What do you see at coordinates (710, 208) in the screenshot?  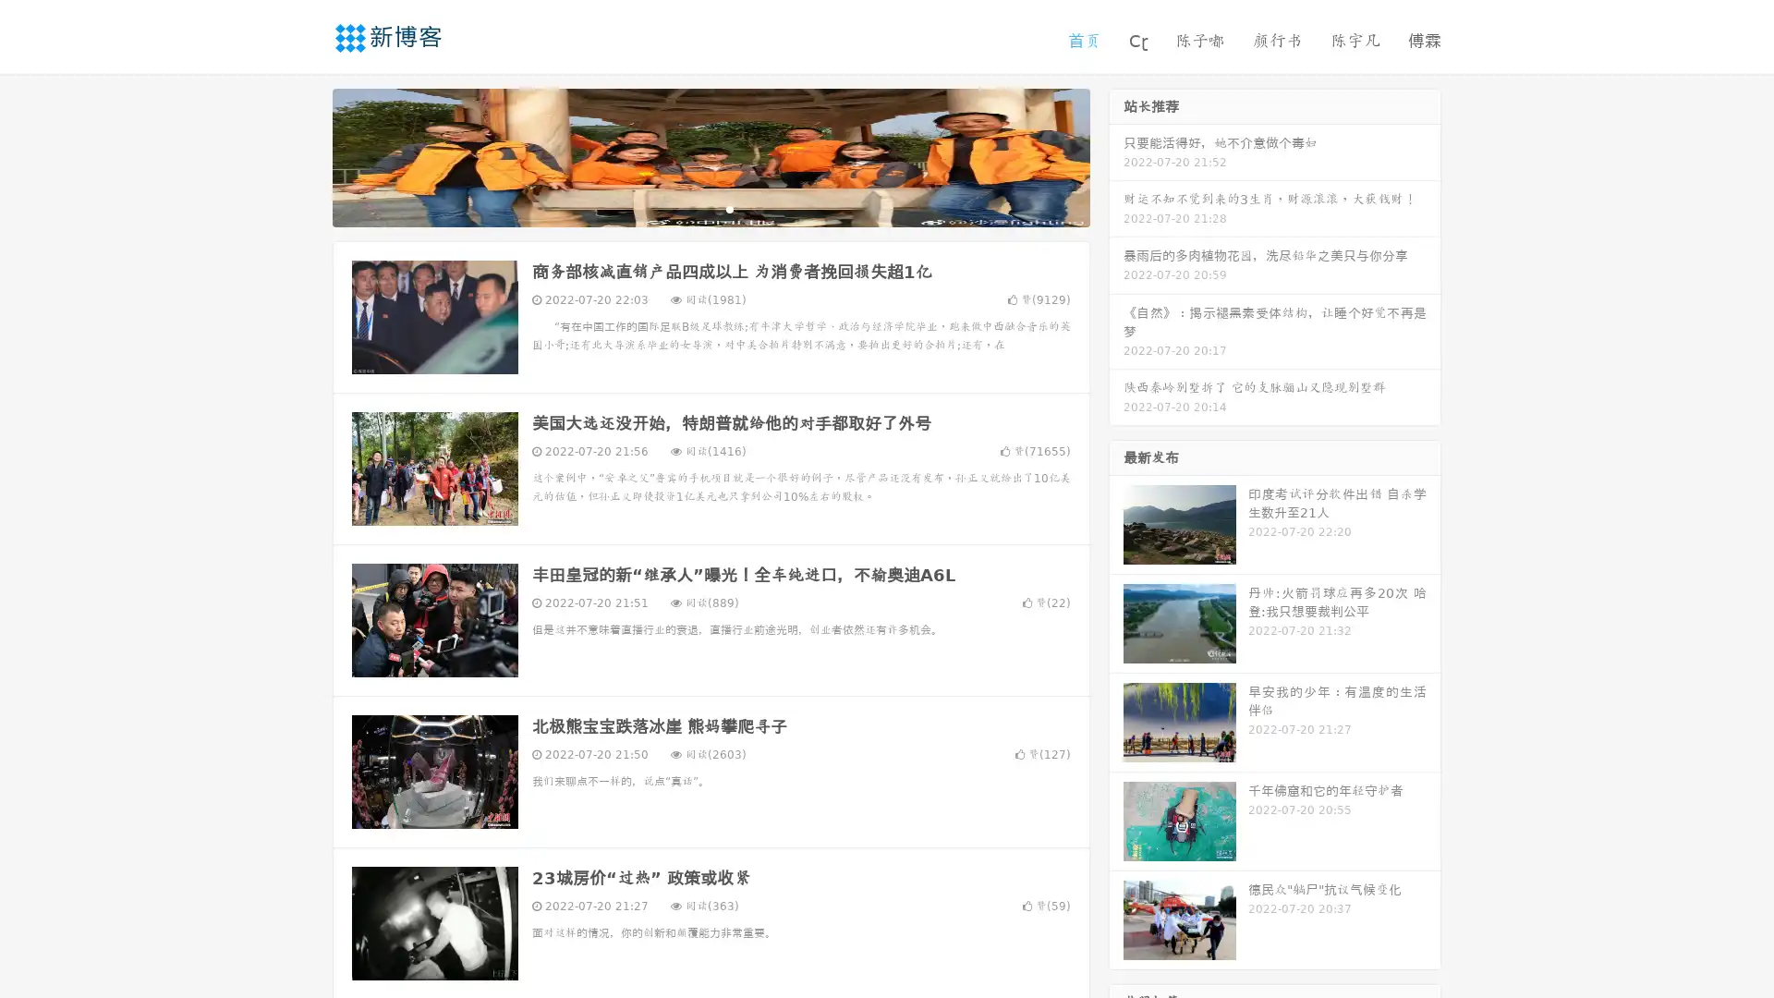 I see `Go to slide 2` at bounding box center [710, 208].